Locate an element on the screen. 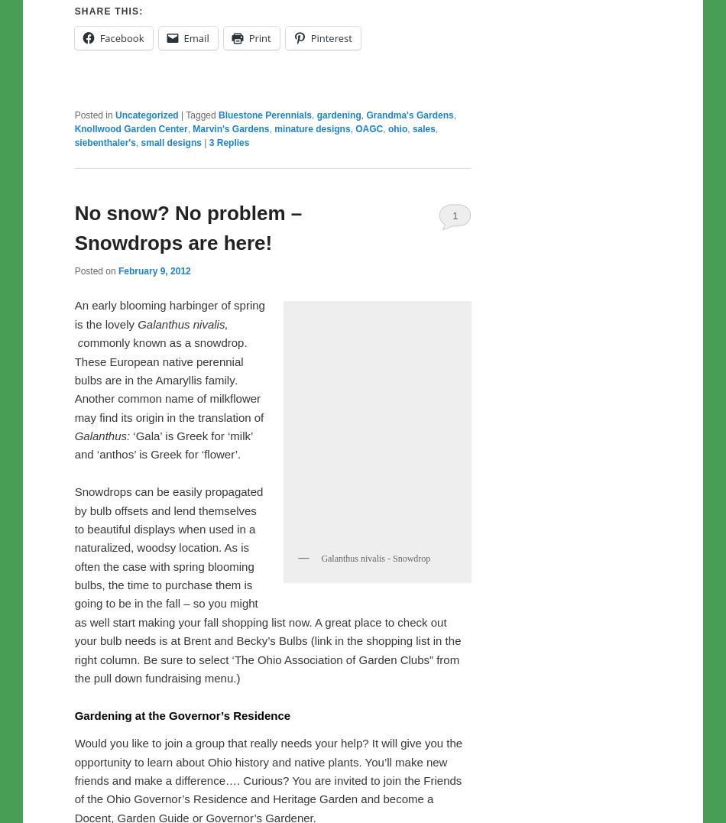  'February 9, 2012' is located at coordinates (154, 308).